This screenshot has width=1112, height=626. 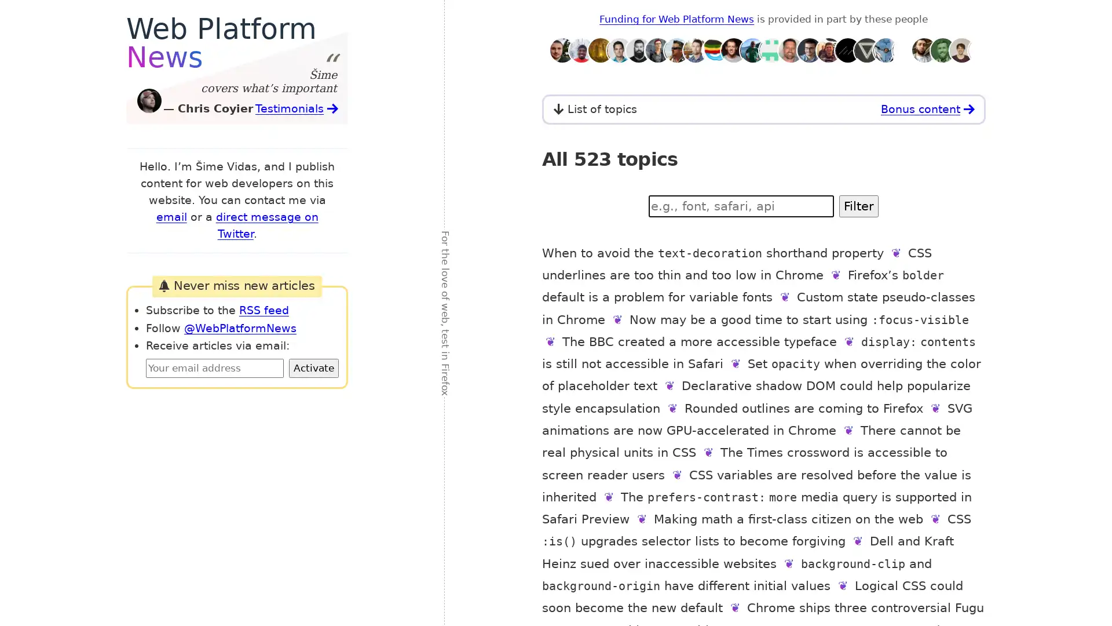 What do you see at coordinates (859, 205) in the screenshot?
I see `Filter` at bounding box center [859, 205].